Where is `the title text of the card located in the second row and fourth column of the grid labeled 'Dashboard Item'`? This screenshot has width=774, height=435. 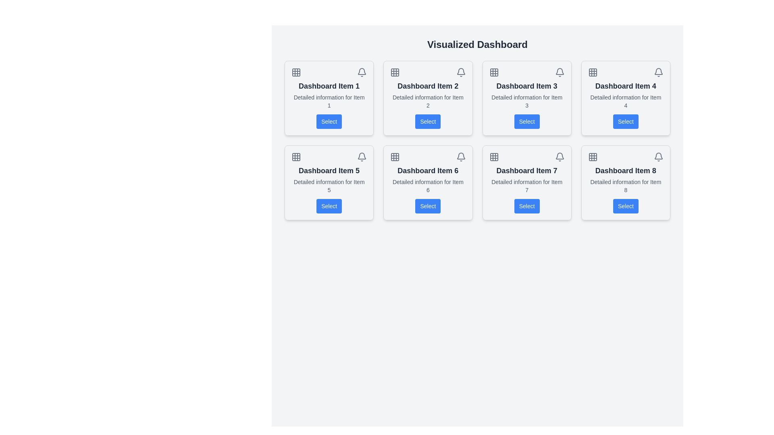 the title text of the card located in the second row and fourth column of the grid labeled 'Dashboard Item' is located at coordinates (625, 86).